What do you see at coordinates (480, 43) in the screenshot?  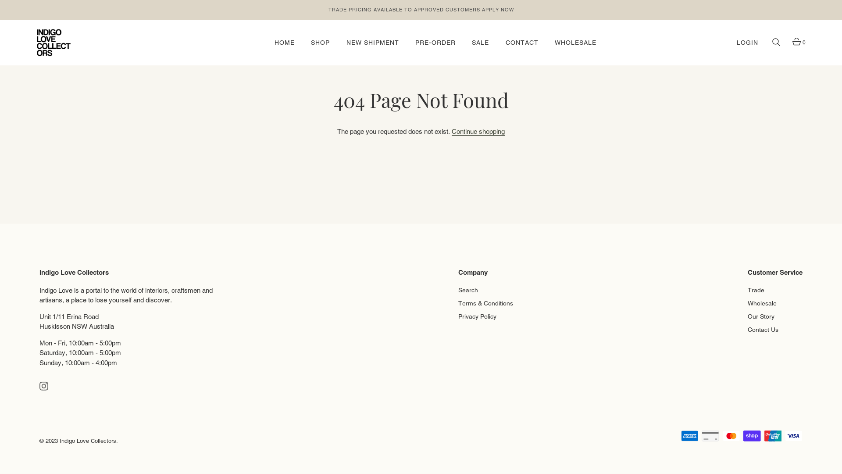 I see `'SALE'` at bounding box center [480, 43].